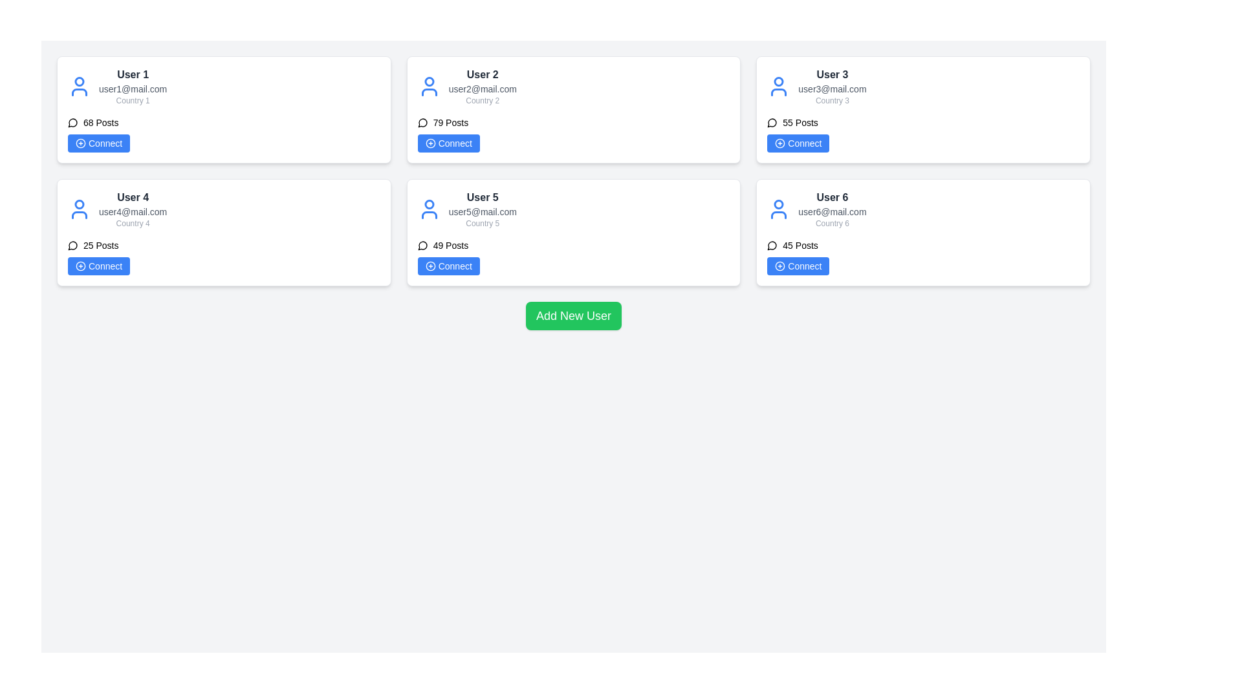  I want to click on the SVG circle element representing the profile picture placeholder for User 6, located in the second row and third column of the user grid, so click(778, 204).